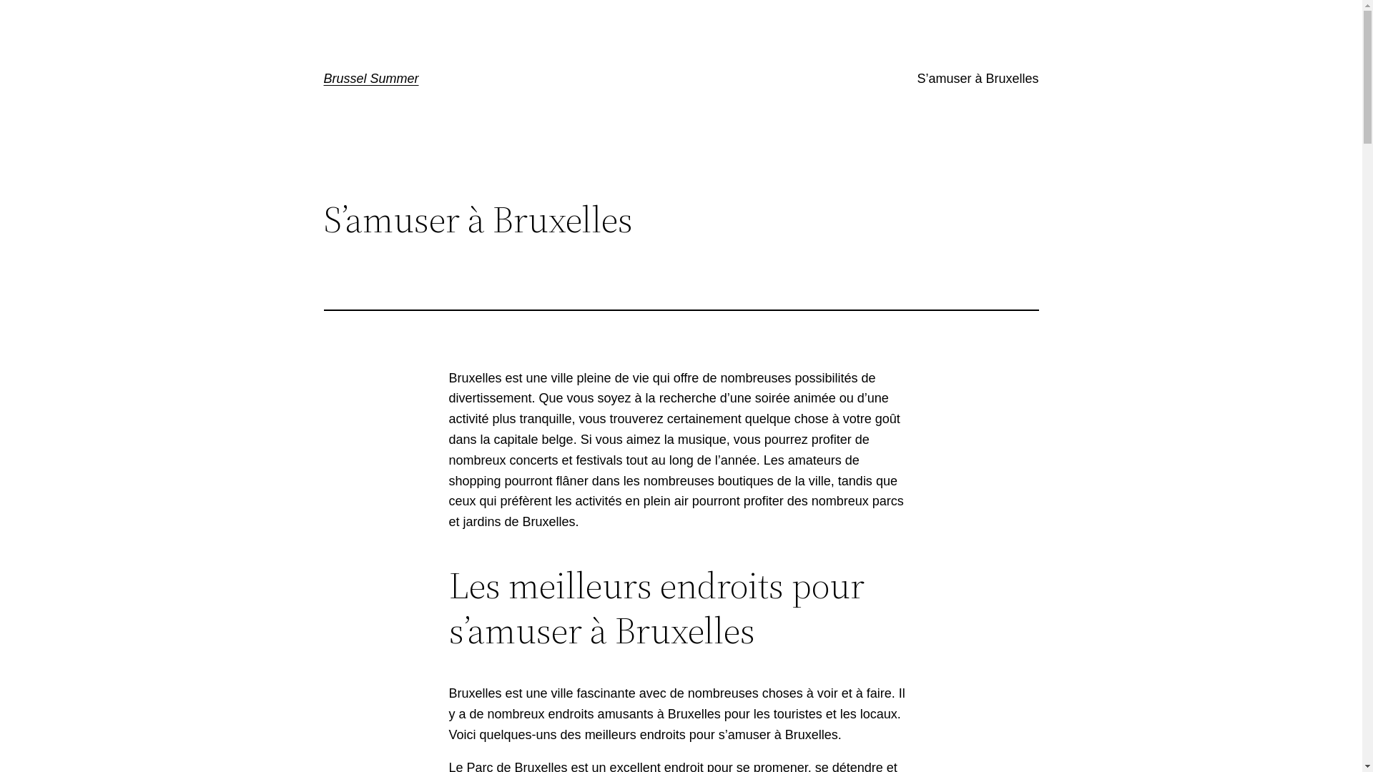 The height and width of the screenshot is (772, 1373). What do you see at coordinates (370, 79) in the screenshot?
I see `'Brussel Summer'` at bounding box center [370, 79].